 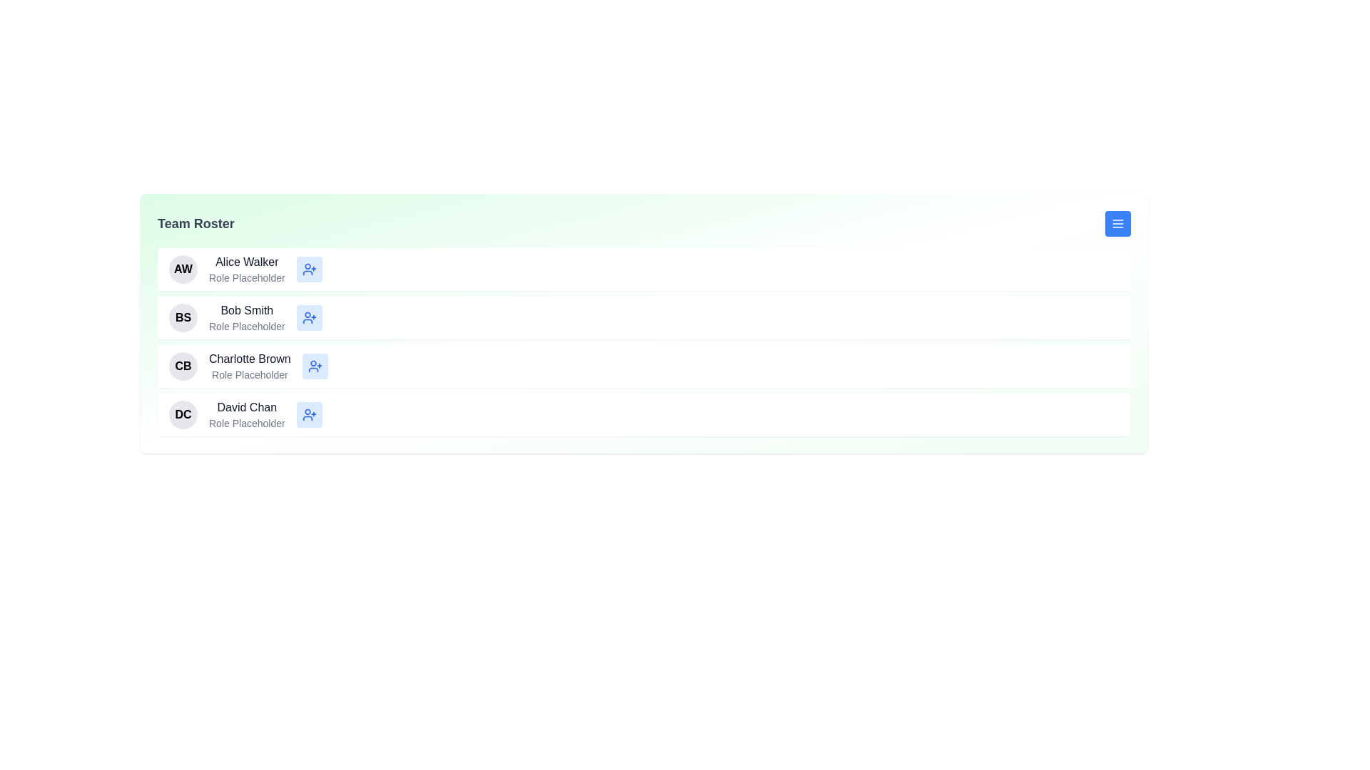 I want to click on the icon button located to the right of the list item for Alice Walker, so click(x=308, y=269).